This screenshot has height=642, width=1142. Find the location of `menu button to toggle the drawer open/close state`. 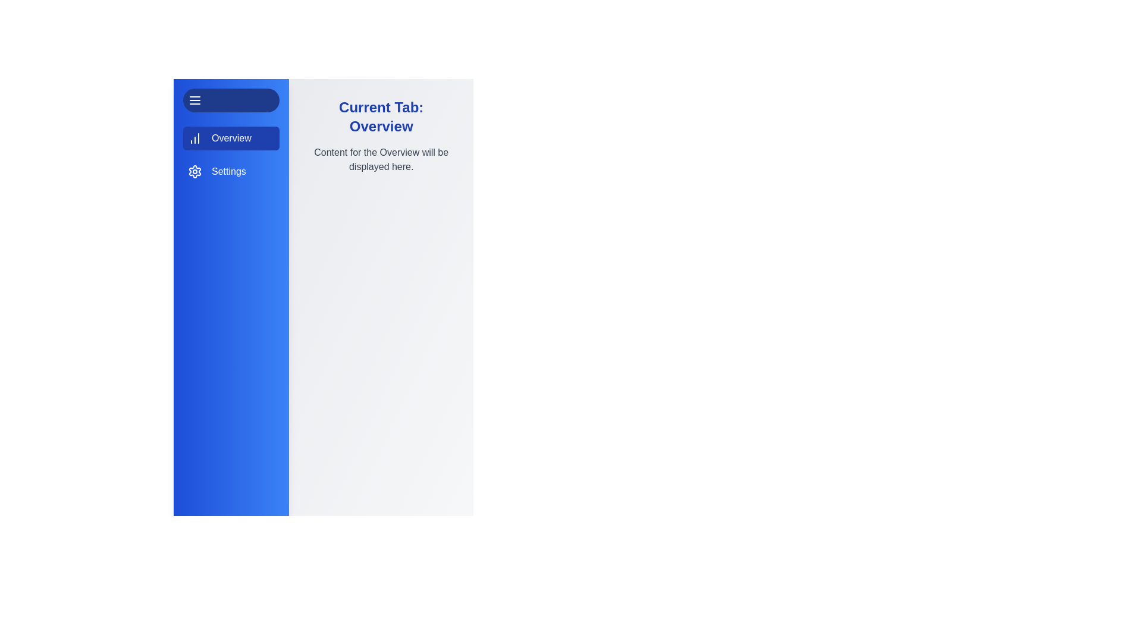

menu button to toggle the drawer open/close state is located at coordinates (231, 100).